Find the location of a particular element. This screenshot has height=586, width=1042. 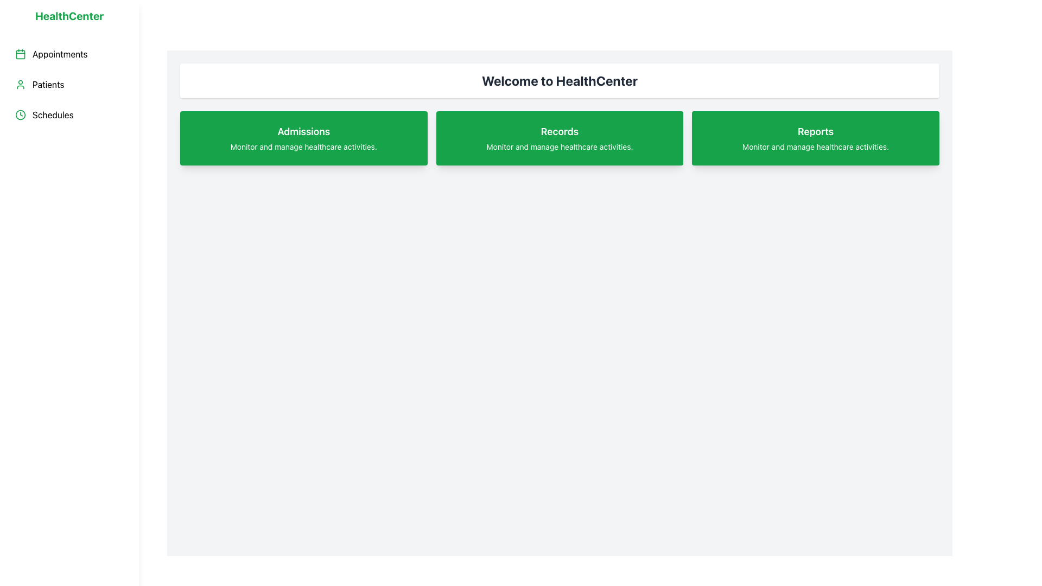

the circular clock icon with a green stroke color located on the left sidebar, adjacent to the 'Schedules' menu item is located at coordinates (21, 115).